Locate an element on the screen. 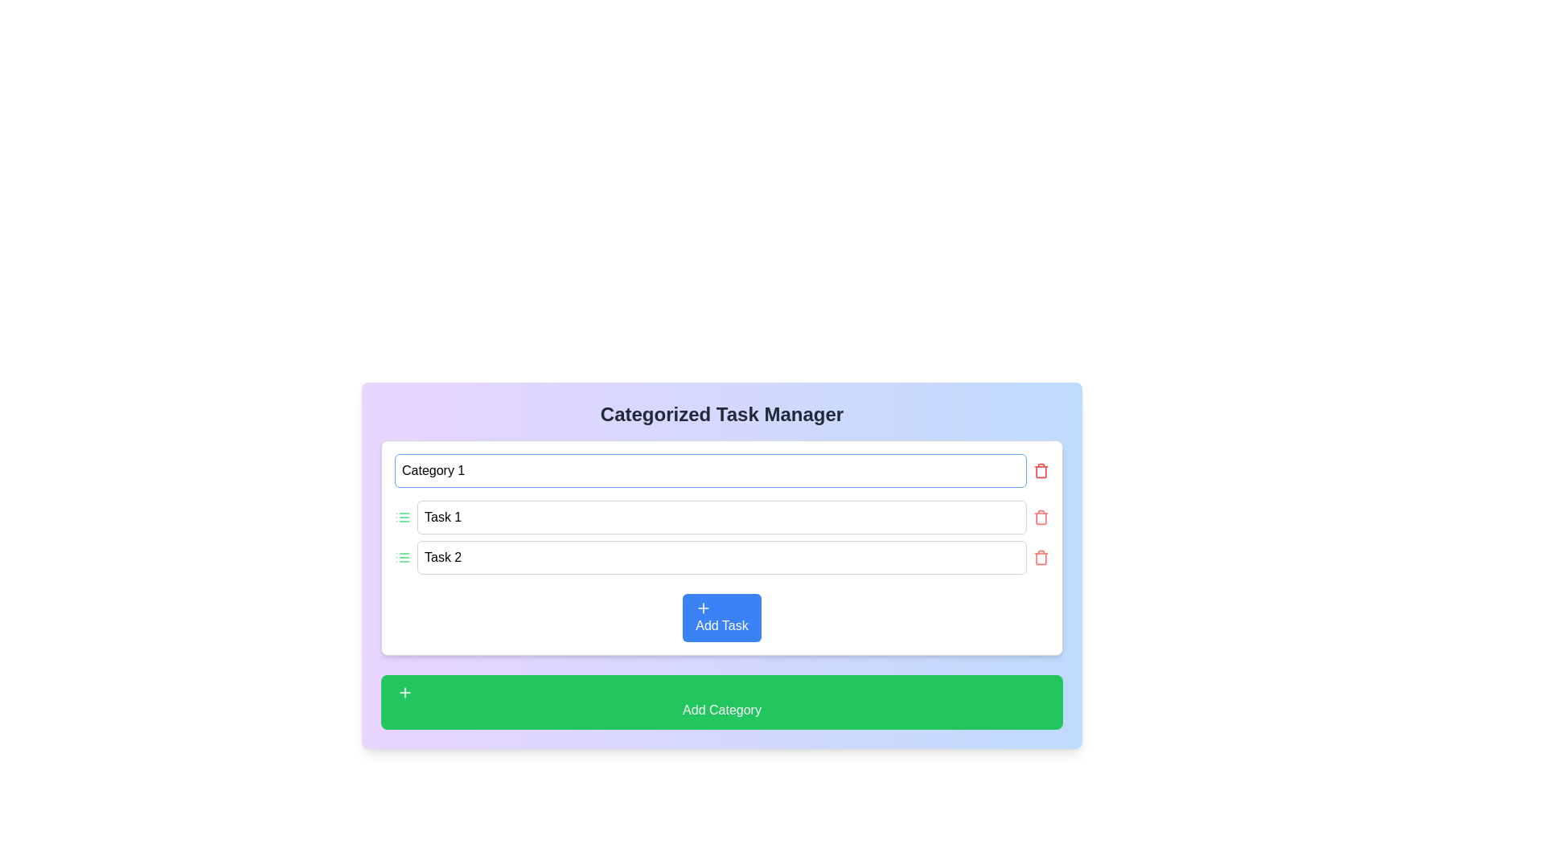 The width and height of the screenshot is (1544, 868). the plus icon located within the green 'Add Category' button at the bottom of the interface is located at coordinates (405, 691).